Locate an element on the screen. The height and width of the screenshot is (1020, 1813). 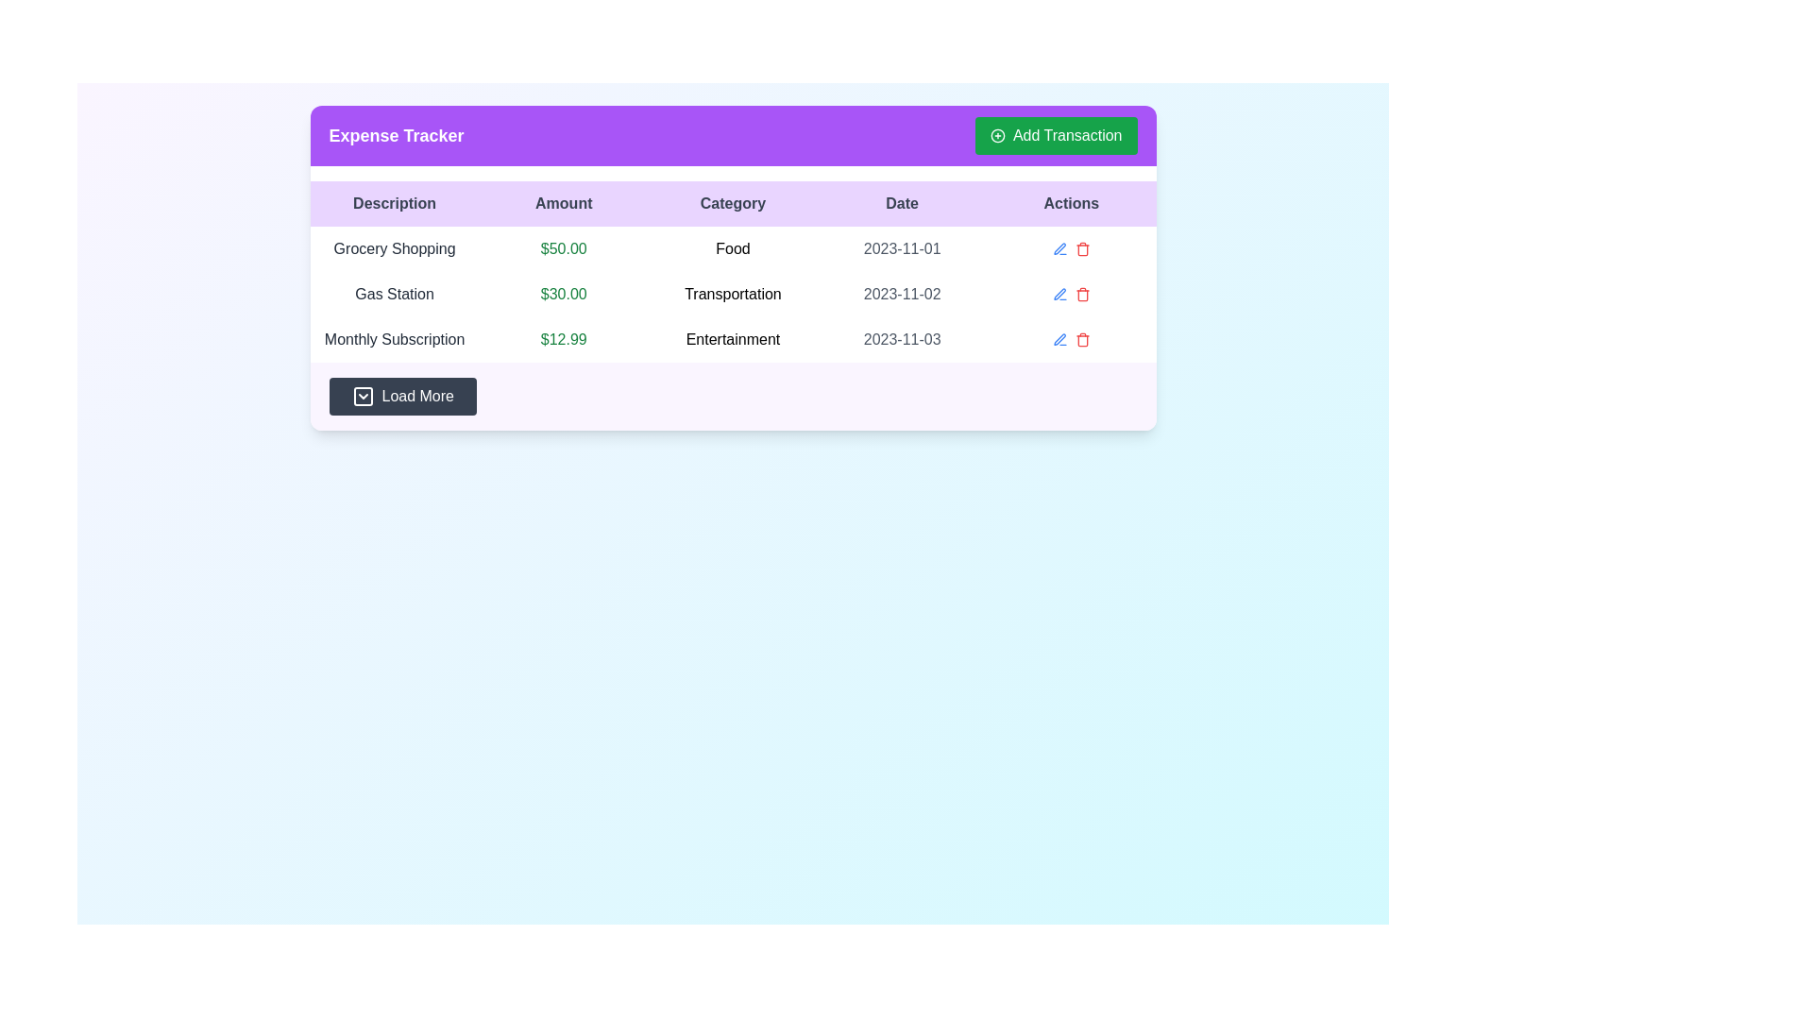
the text label in the first row of the data table under the 'Description' column, which provides clarity about the associated transaction is located at coordinates (394, 247).